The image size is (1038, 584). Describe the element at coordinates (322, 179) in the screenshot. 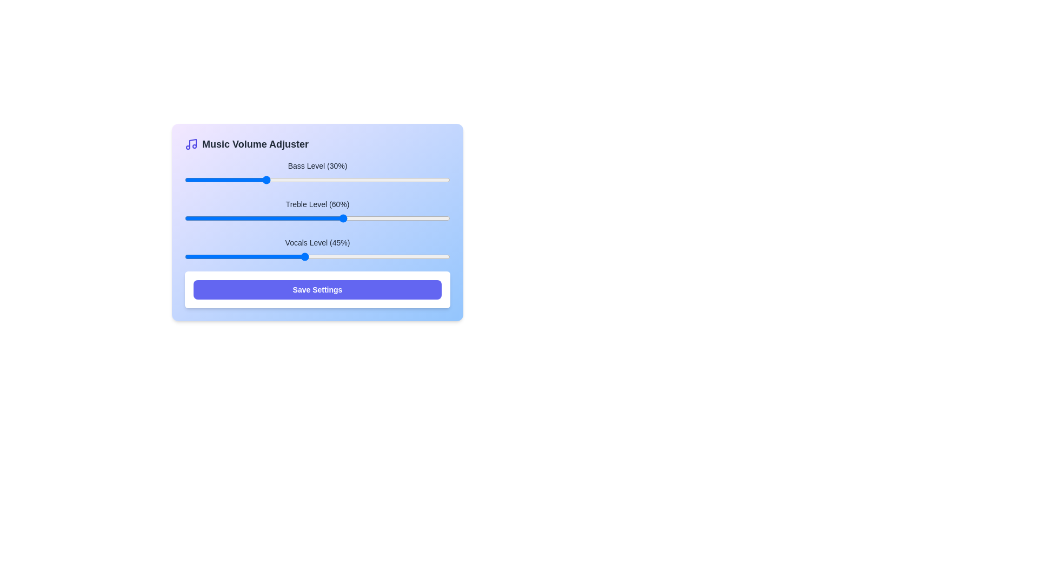

I see `the bass level` at that location.